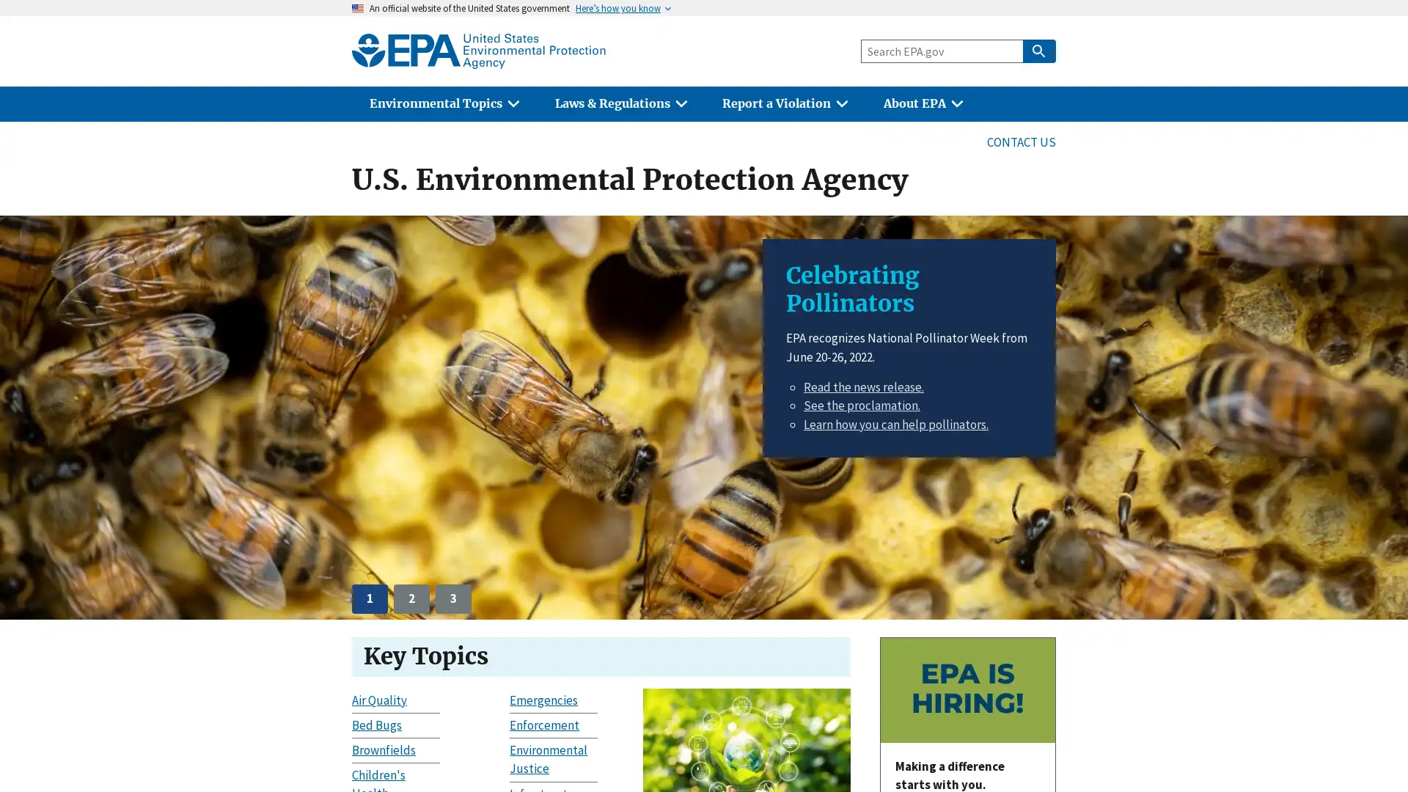 The height and width of the screenshot is (792, 1408). Describe the element at coordinates (443, 103) in the screenshot. I see `Environmental Topics` at that location.